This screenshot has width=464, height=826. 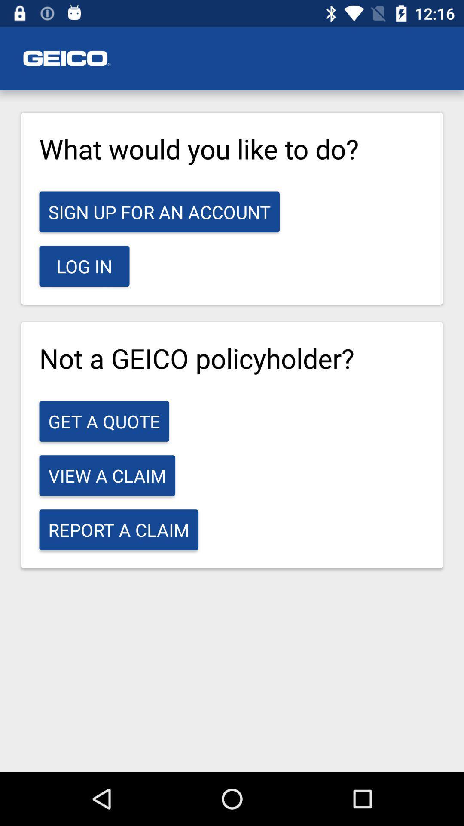 I want to click on log in icon, so click(x=84, y=265).